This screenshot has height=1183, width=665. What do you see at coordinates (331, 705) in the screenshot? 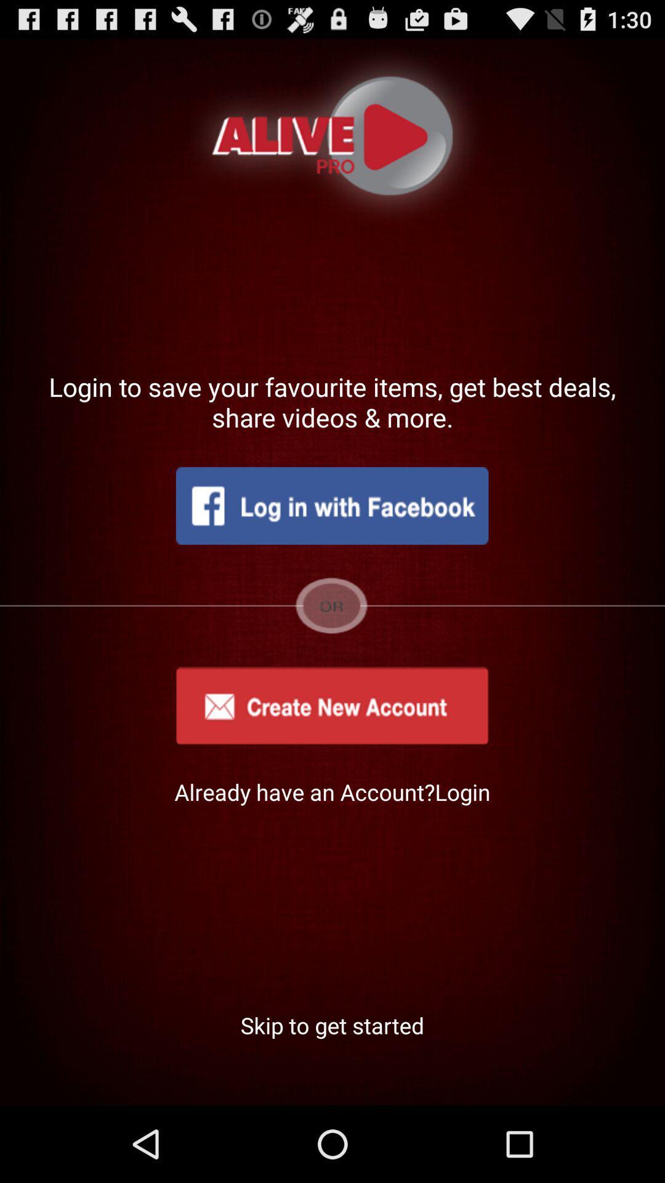
I see `new app account` at bounding box center [331, 705].